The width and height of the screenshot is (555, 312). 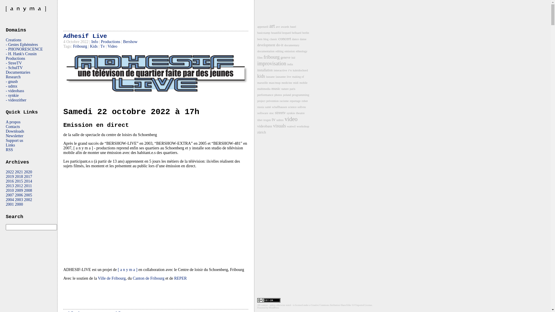 I want to click on '2011', so click(x=23, y=186).